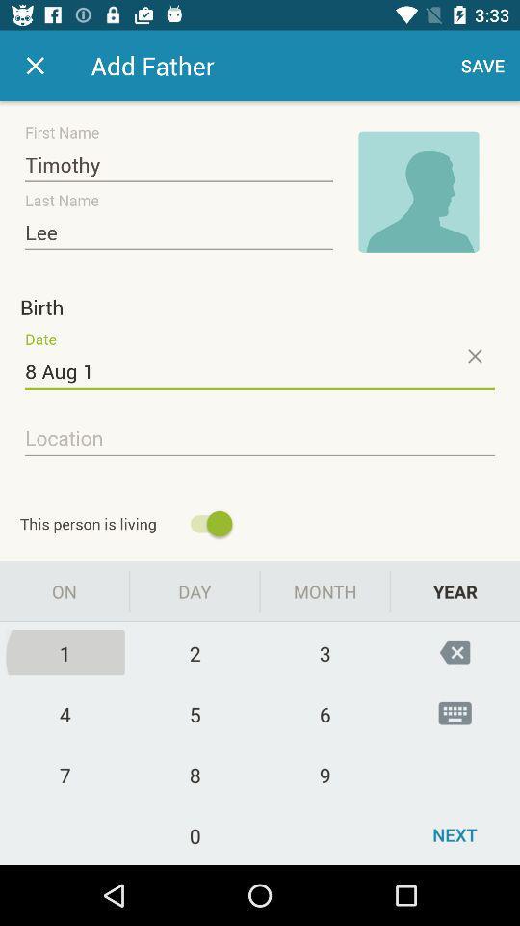 Image resolution: width=520 pixels, height=926 pixels. Describe the element at coordinates (473, 355) in the screenshot. I see `closing icon` at that location.